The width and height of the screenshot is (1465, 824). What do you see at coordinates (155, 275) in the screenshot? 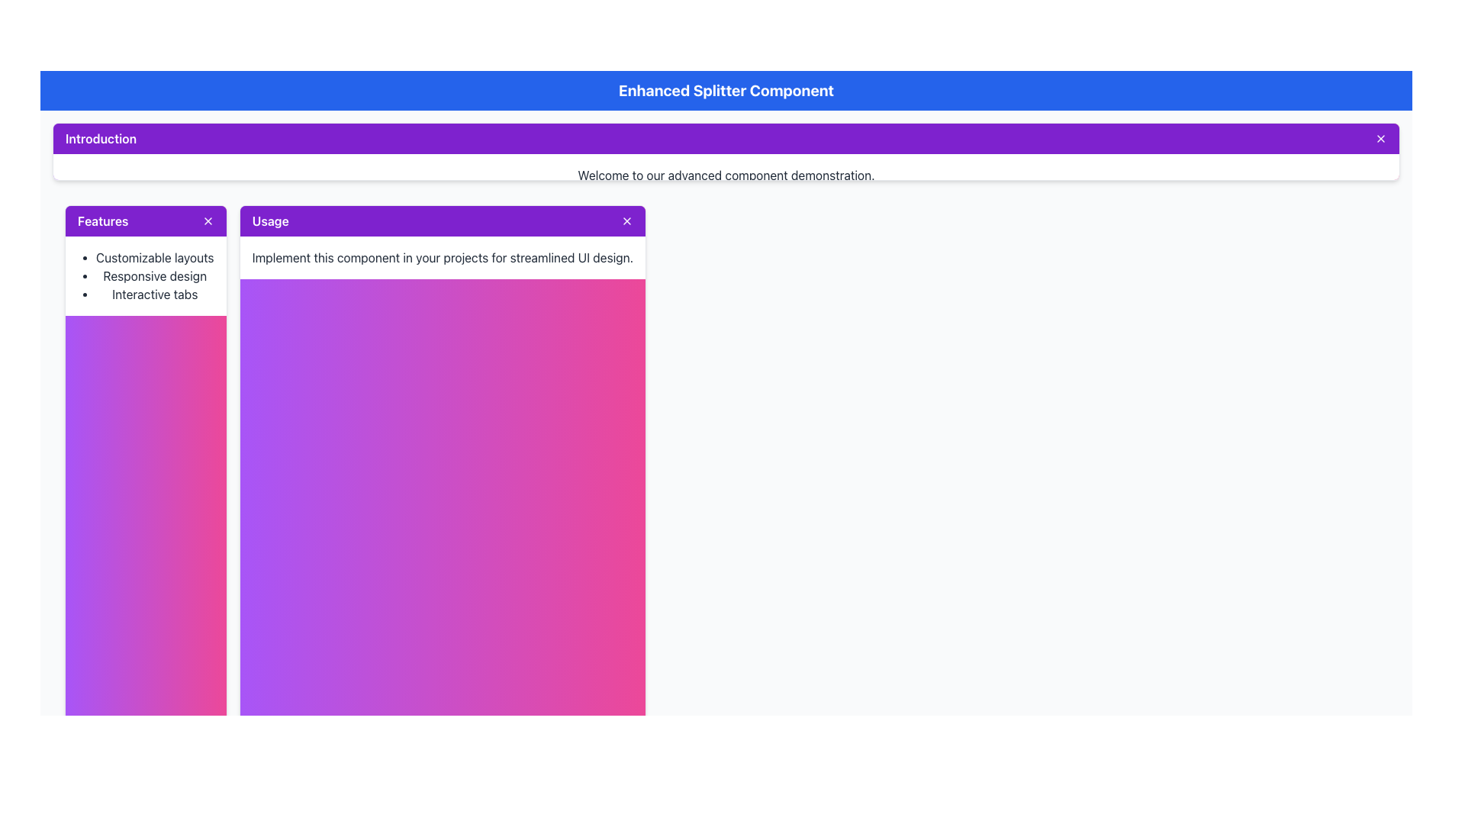
I see `informational text label, which is the second item in a vertical list of features located in the leftmost pane of the application layout` at bounding box center [155, 275].